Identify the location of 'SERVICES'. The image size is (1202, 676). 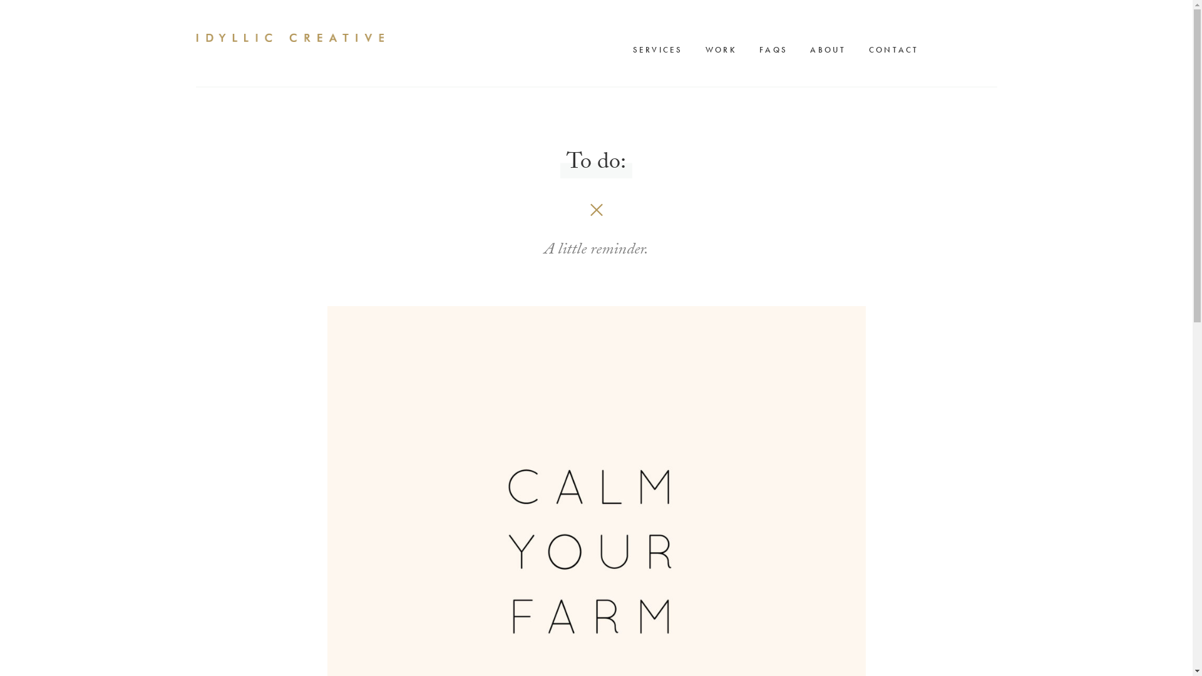
(660, 49).